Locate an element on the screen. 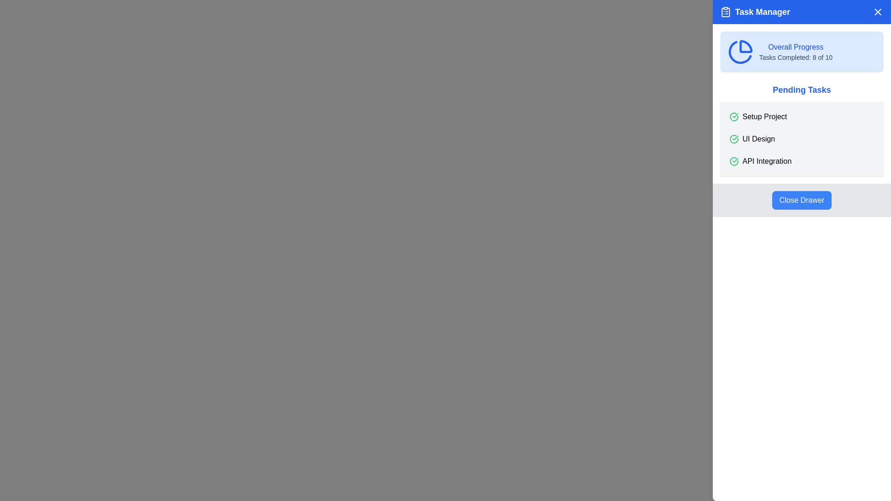 The height and width of the screenshot is (501, 891). the 'UI Design' task entry in the 'Pending Tasks' list is located at coordinates (801, 139).